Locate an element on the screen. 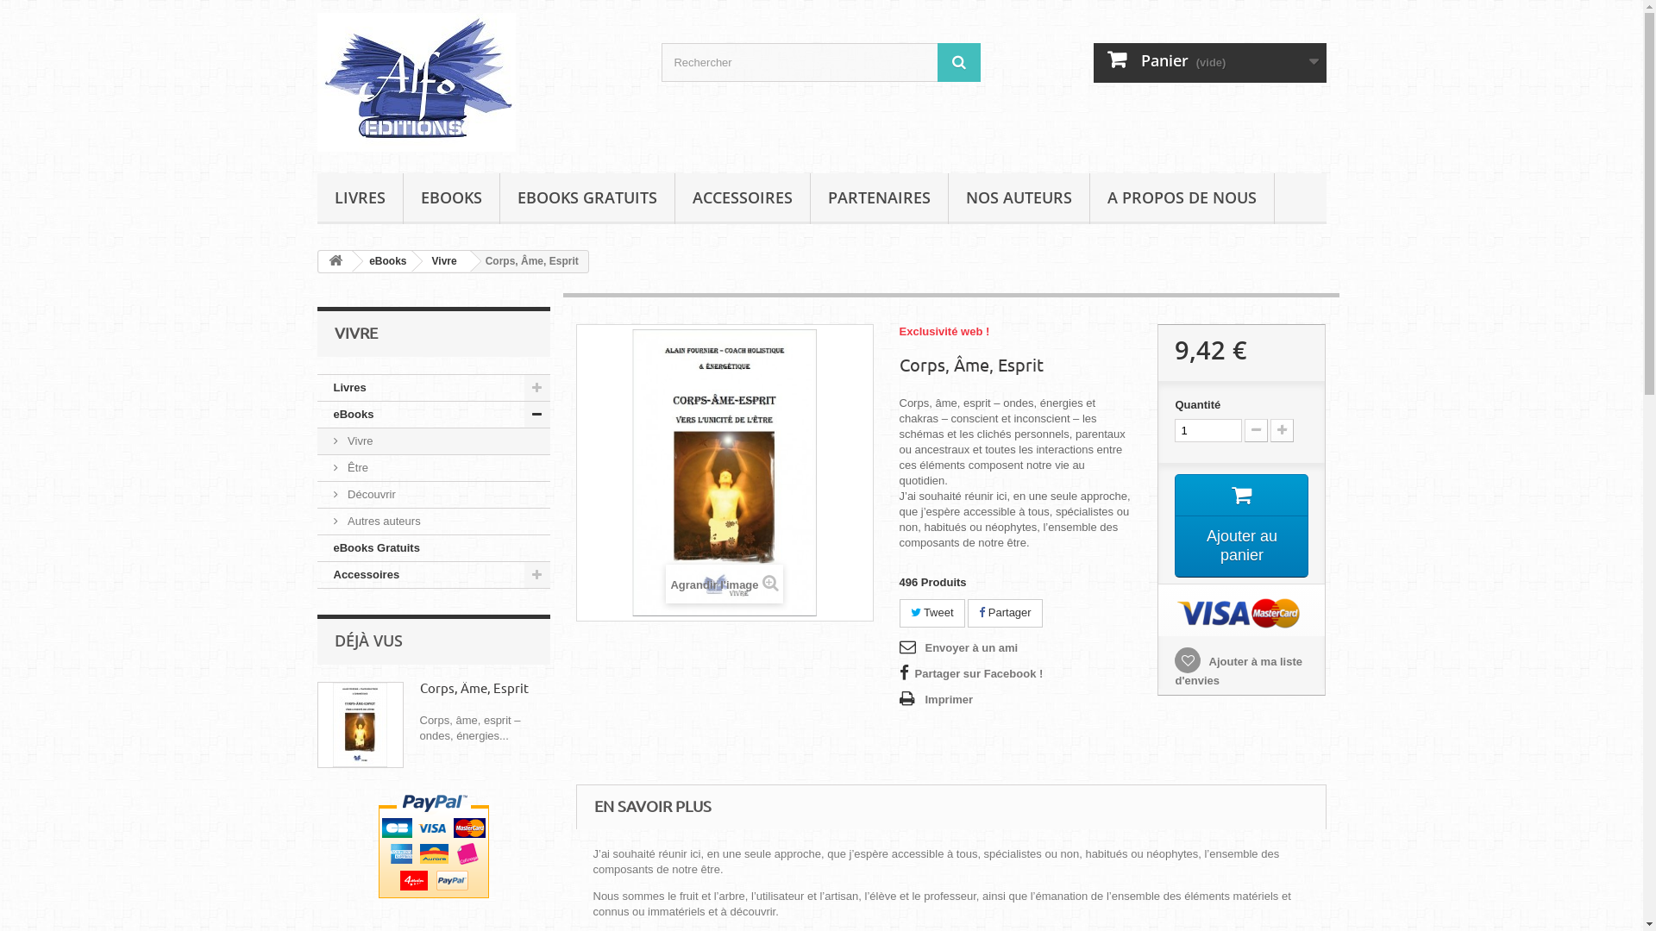  'Panier (vide)' is located at coordinates (1208, 62).